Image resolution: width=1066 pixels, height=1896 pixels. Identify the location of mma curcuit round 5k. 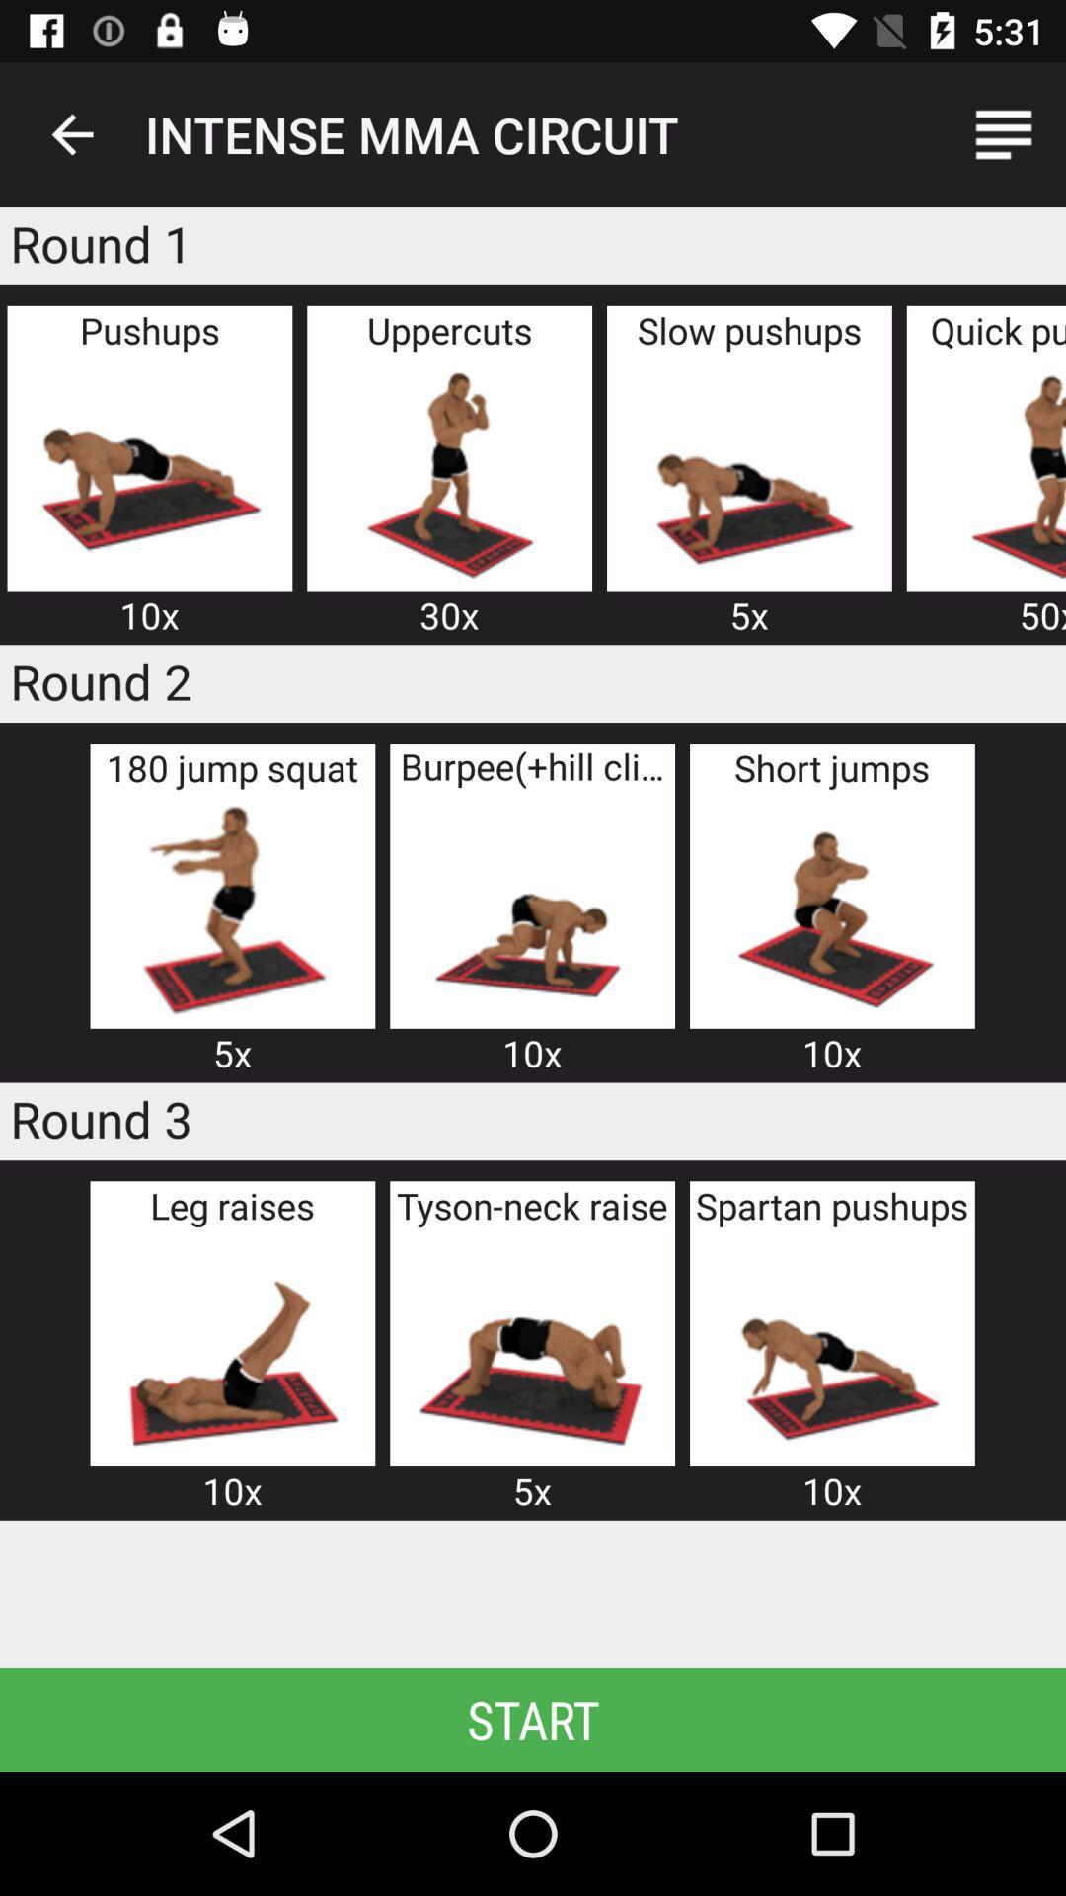
(531, 1346).